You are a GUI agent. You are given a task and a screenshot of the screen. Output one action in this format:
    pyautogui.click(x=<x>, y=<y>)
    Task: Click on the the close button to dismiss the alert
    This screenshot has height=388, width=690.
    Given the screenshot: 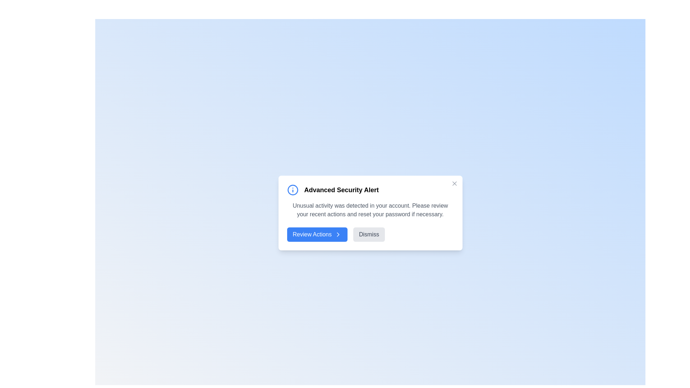 What is the action you would take?
    pyautogui.click(x=454, y=183)
    